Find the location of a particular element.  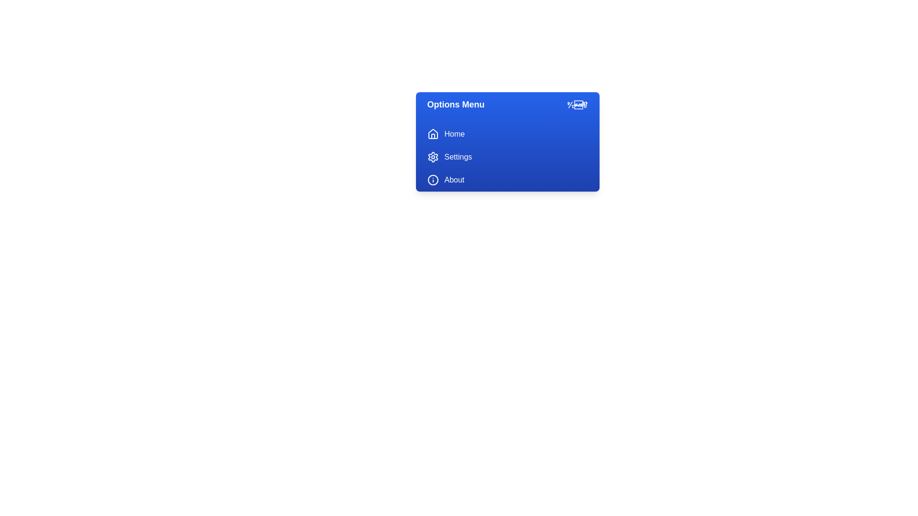

the 'Options Menu' button to toggle the menu state is located at coordinates (507, 105).